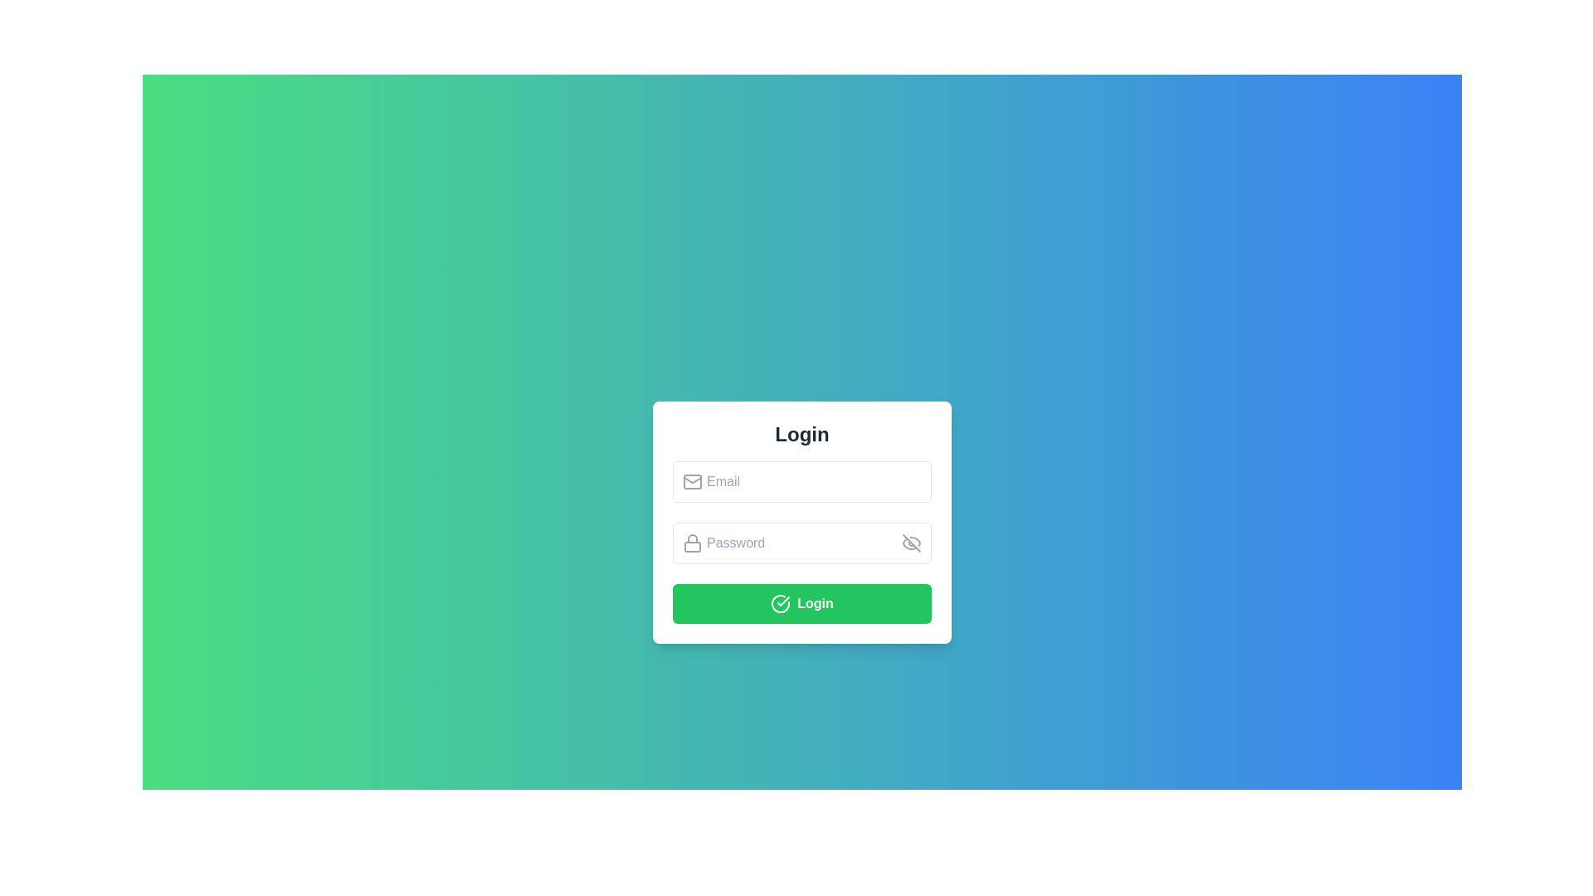 This screenshot has height=896, width=1593. Describe the element at coordinates (911, 543) in the screenshot. I see `the toggle button to obscure or reveal the text in the associated password input field, which is positioned to the right of the password input field` at that location.